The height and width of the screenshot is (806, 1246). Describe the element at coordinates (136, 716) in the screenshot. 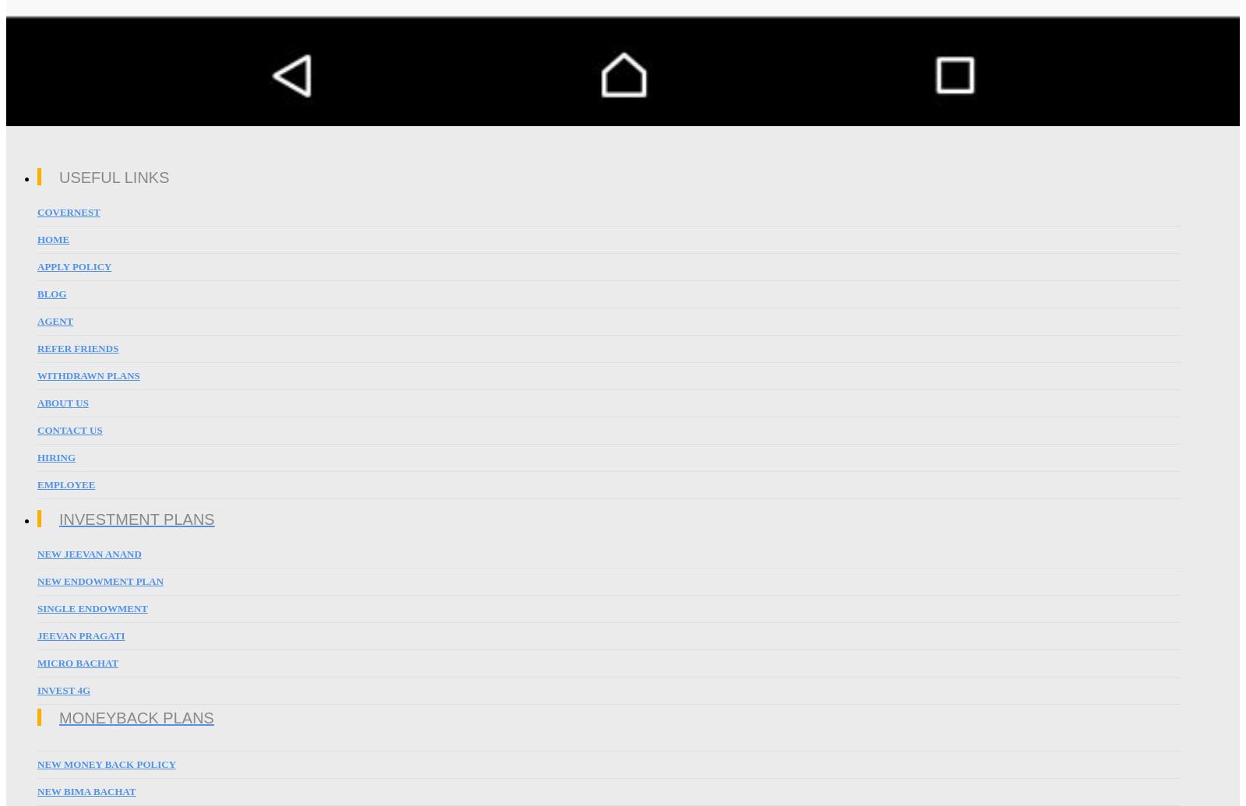

I see `'MoneyBack Plans'` at that location.